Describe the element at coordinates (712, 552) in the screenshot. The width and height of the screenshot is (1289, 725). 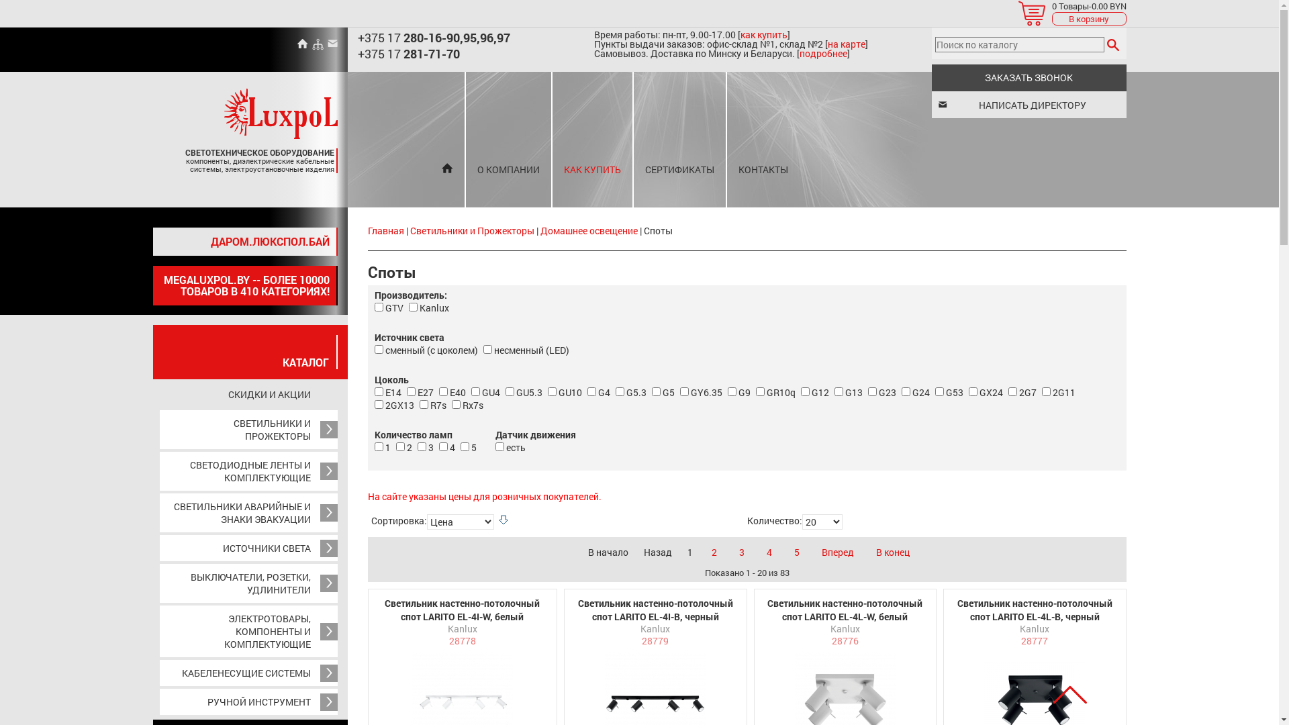
I see `'2'` at that location.